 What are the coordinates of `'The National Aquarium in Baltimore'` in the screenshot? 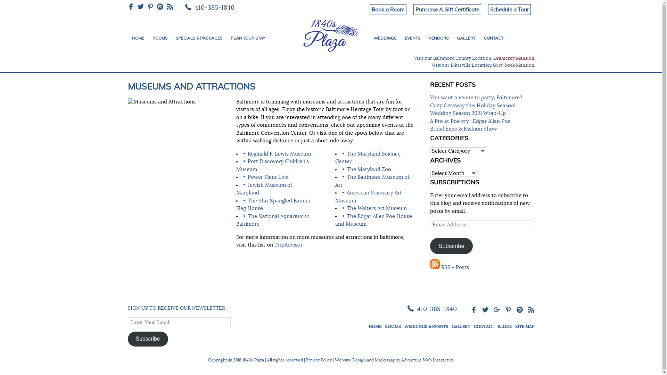 It's located at (236, 220).